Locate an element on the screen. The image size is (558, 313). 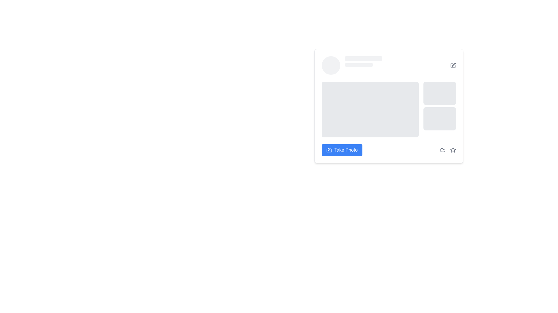
the camera icon within the blue 'Take Photo' button located at the lower region of the card layout is located at coordinates (329, 150).